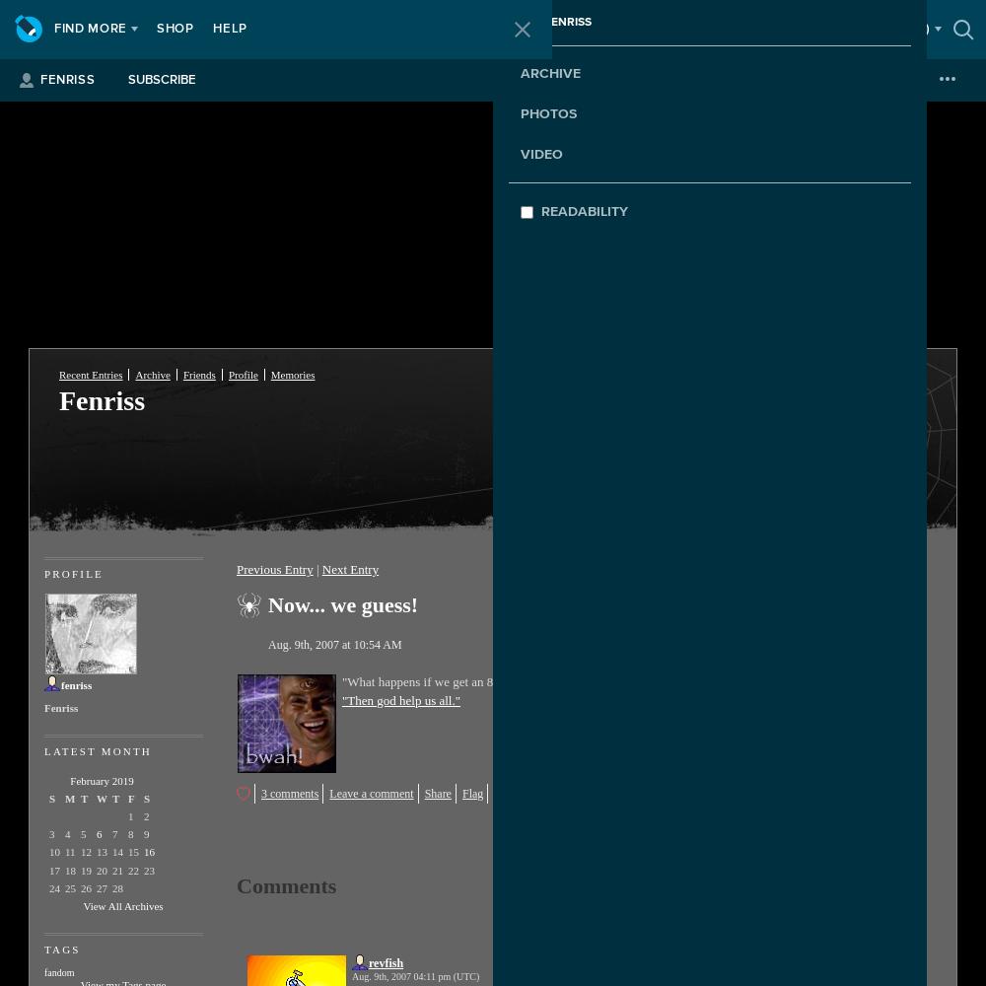  What do you see at coordinates (69, 887) in the screenshot?
I see `'25'` at bounding box center [69, 887].